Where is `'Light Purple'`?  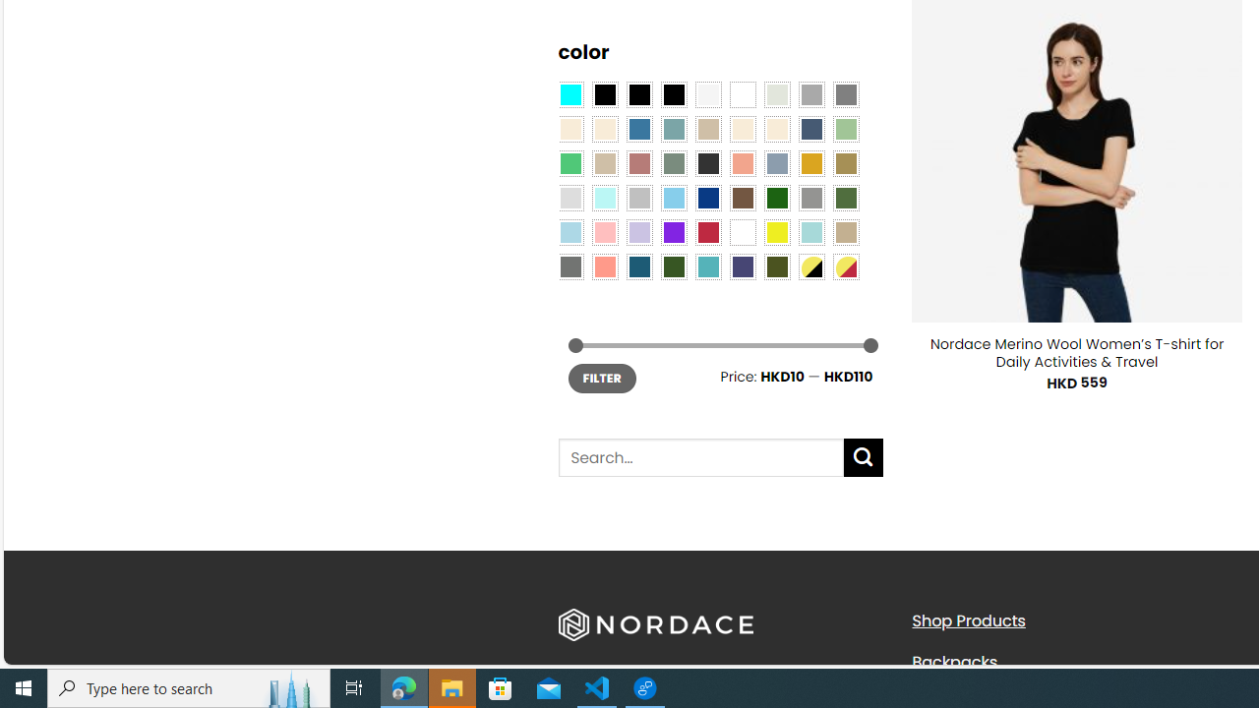 'Light Purple' is located at coordinates (639, 231).